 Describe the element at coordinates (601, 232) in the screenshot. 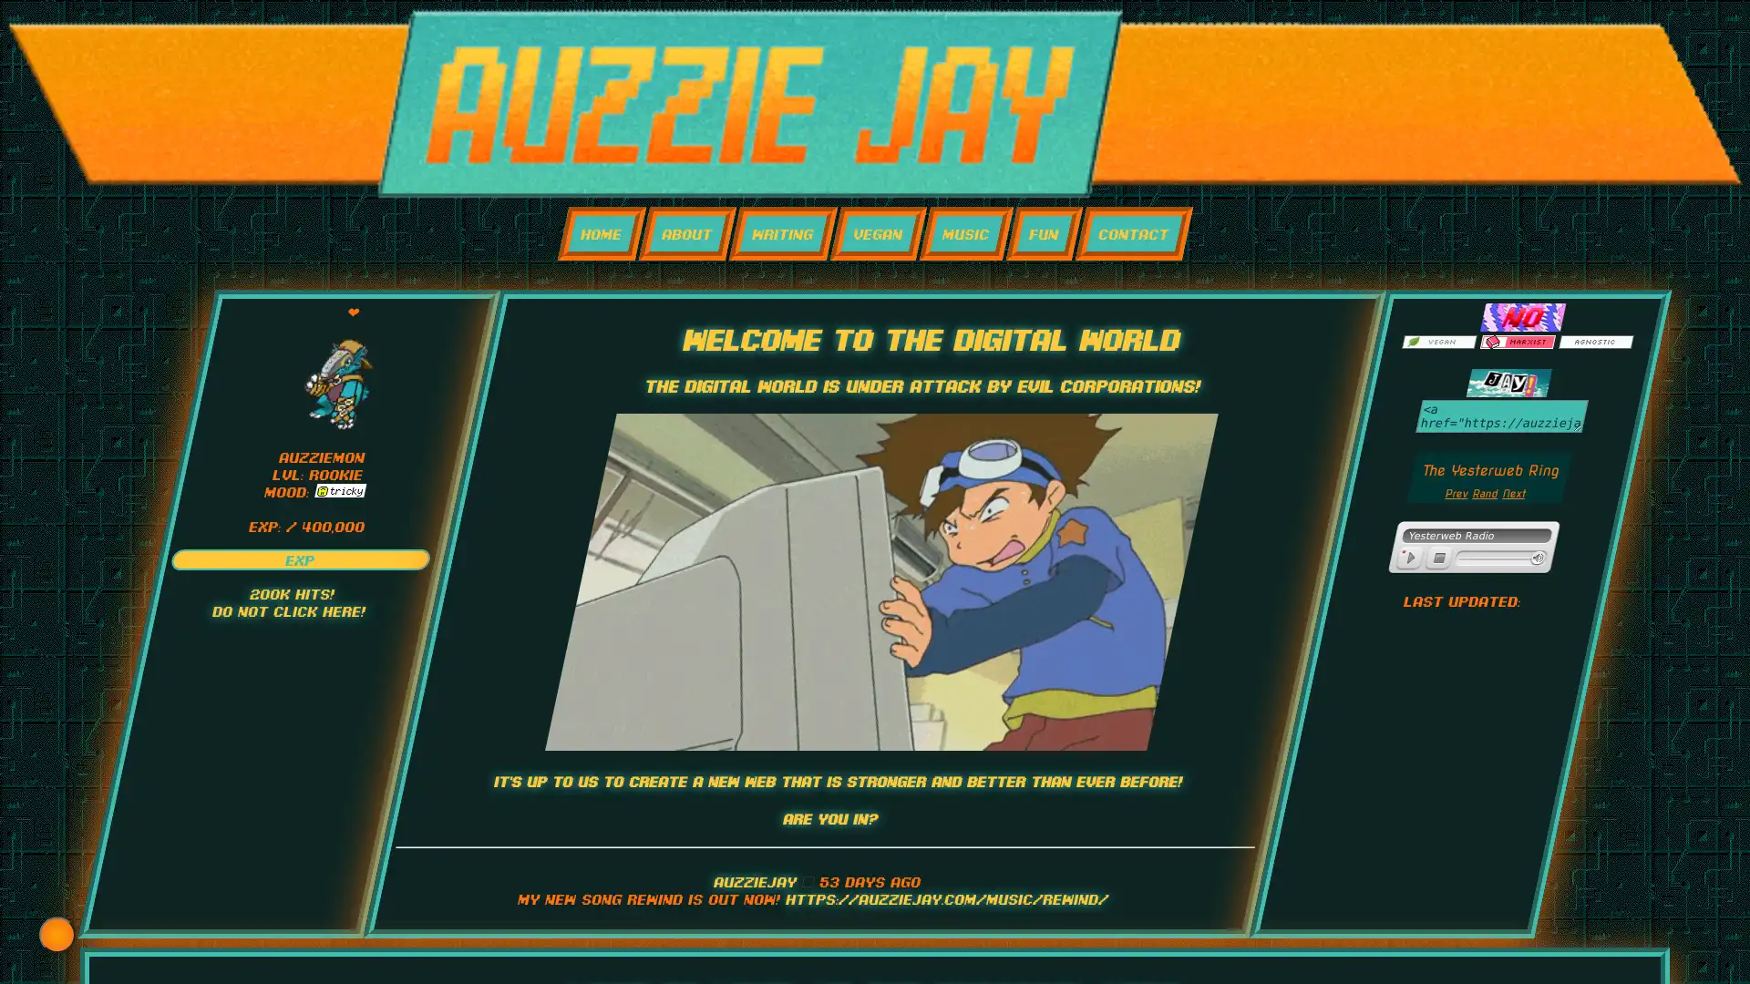

I see `HOME` at that location.